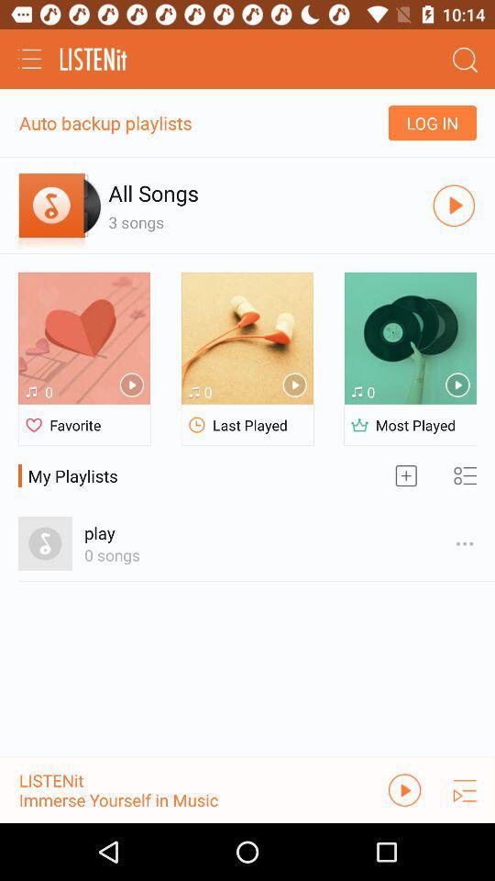 The image size is (495, 881). I want to click on the options icon which is beside play, so click(465, 543).